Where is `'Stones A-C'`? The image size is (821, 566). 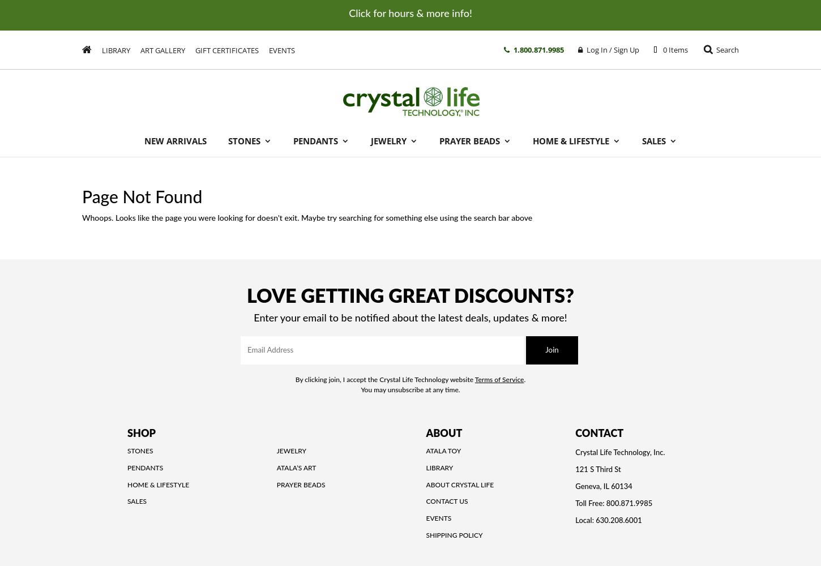 'Stones A-C' is located at coordinates (262, 178).